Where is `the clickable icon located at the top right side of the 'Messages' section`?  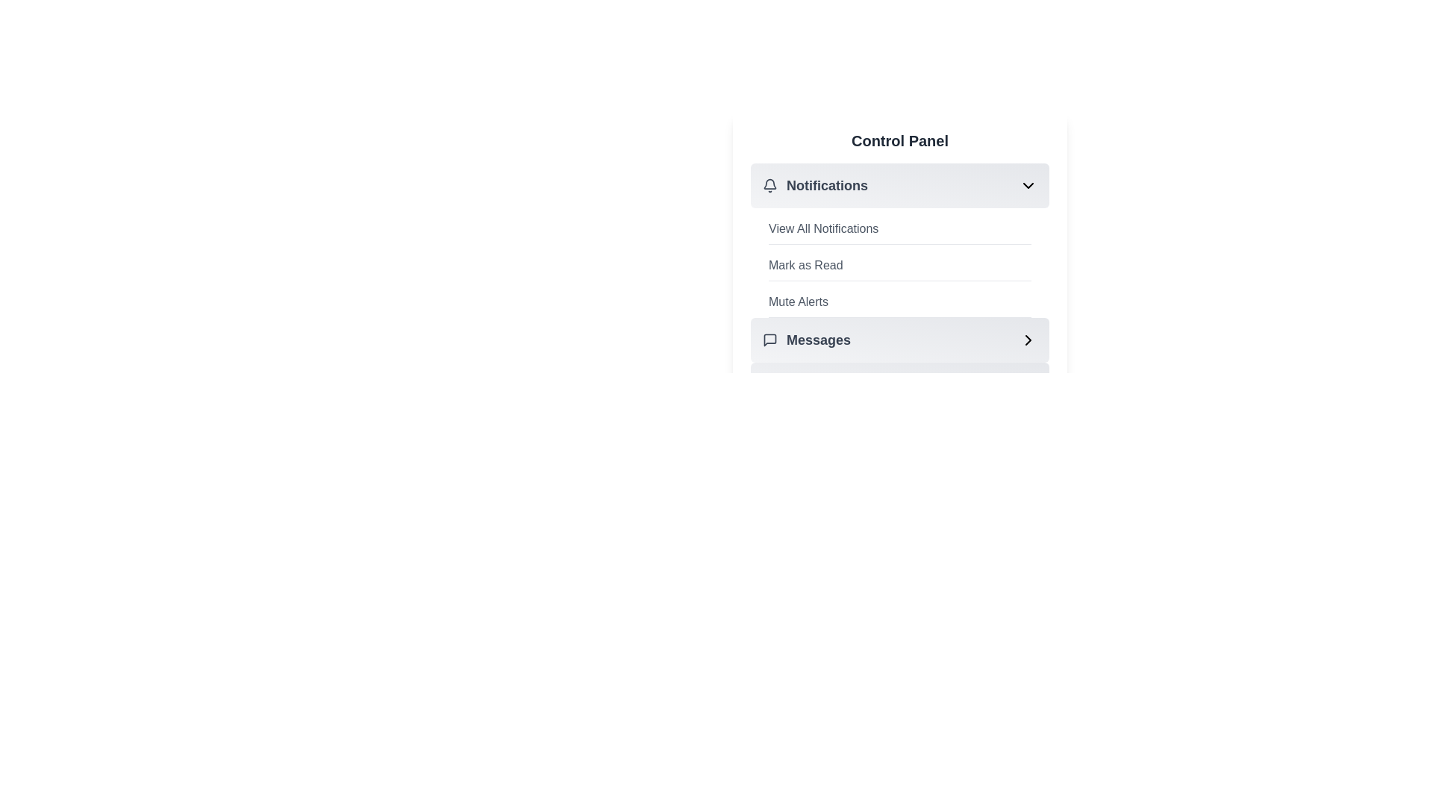 the clickable icon located at the top right side of the 'Messages' section is located at coordinates (1027, 340).